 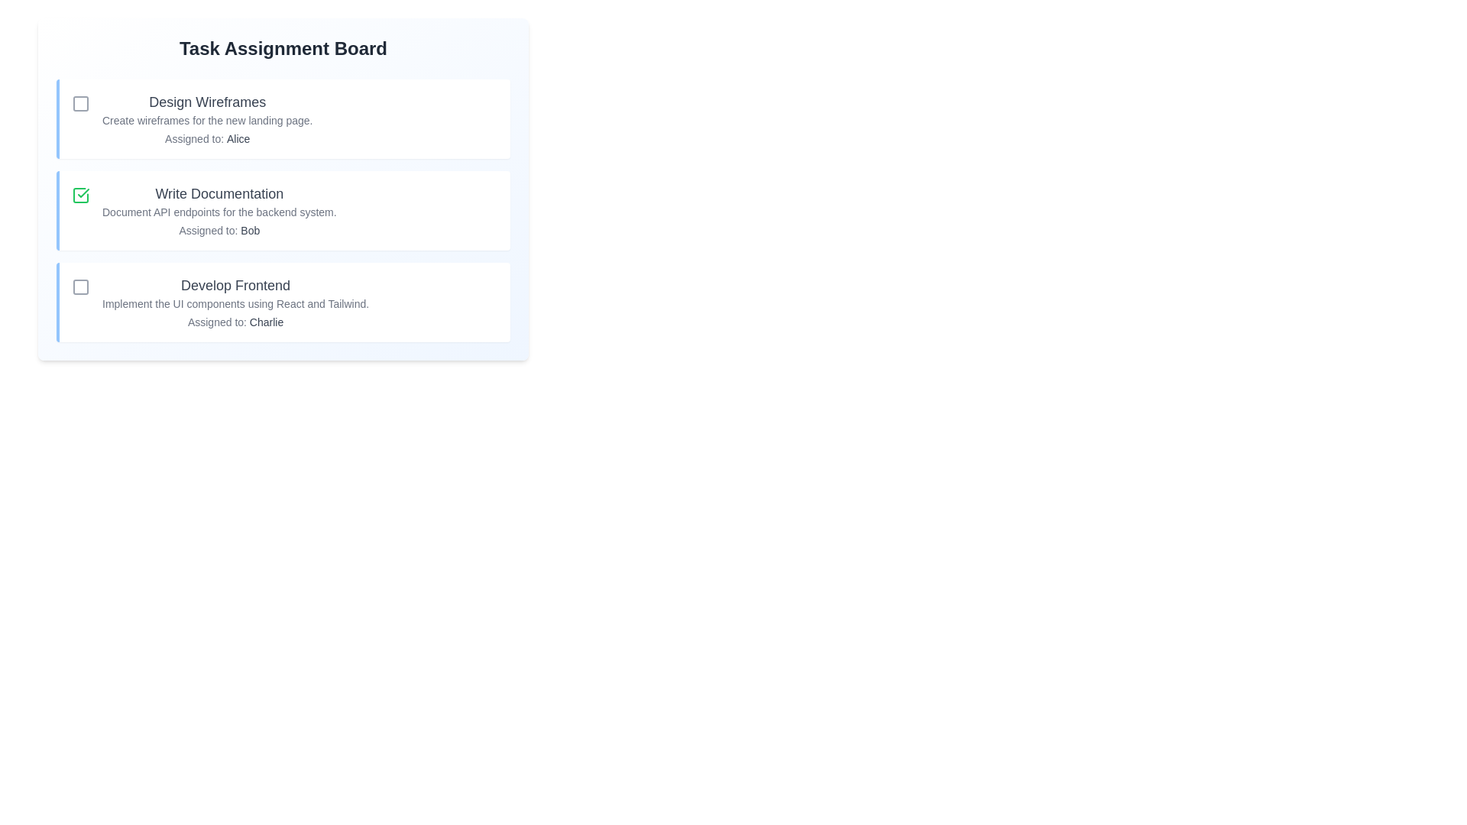 I want to click on the text label displaying the name 'Bob' in the 'Assigned to: Bob' section of the 'Write Documentation' task item, so click(x=250, y=230).